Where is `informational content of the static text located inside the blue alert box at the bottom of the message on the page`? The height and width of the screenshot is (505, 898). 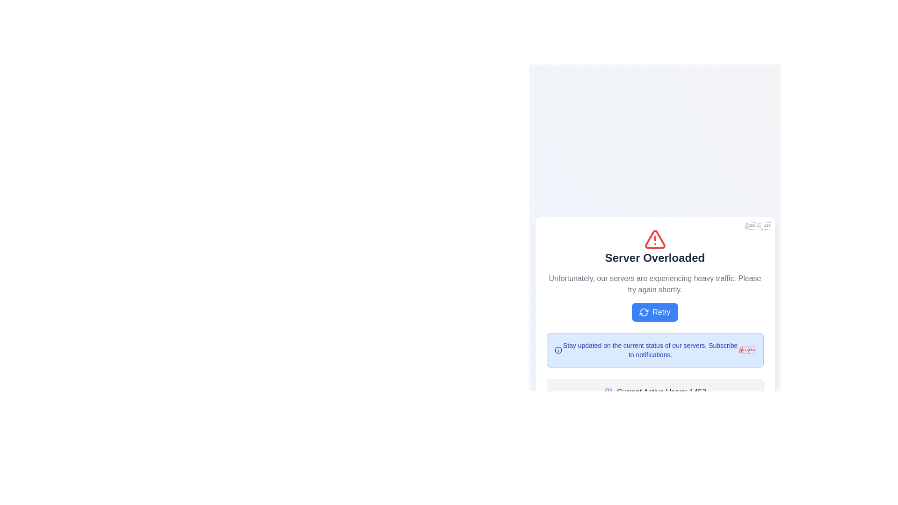
informational content of the static text located inside the blue alert box at the bottom of the message on the page is located at coordinates (650, 350).